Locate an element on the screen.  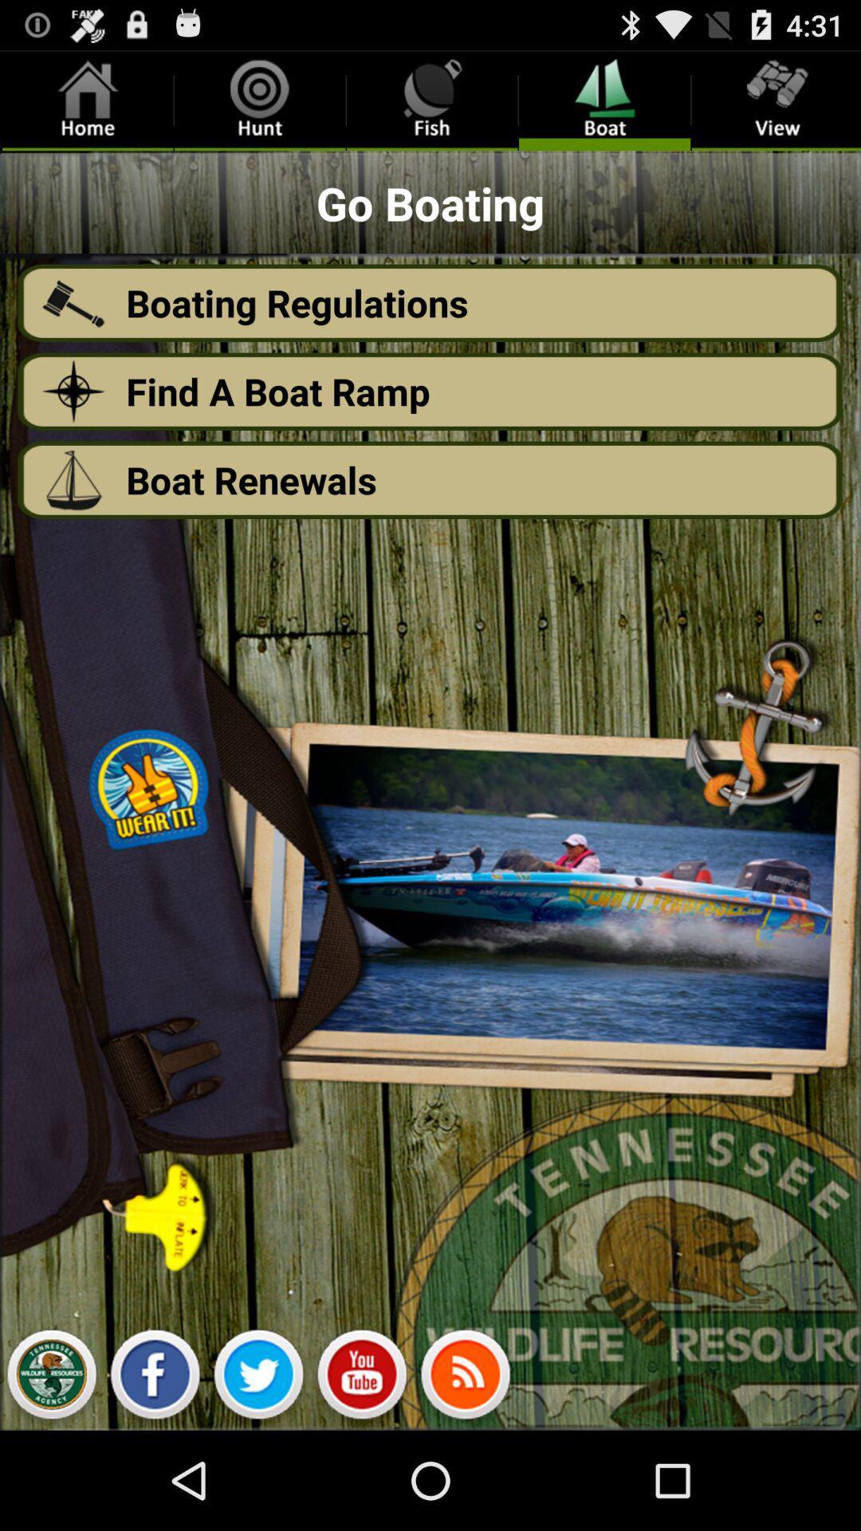
the facebook icon is located at coordinates (155, 1474).